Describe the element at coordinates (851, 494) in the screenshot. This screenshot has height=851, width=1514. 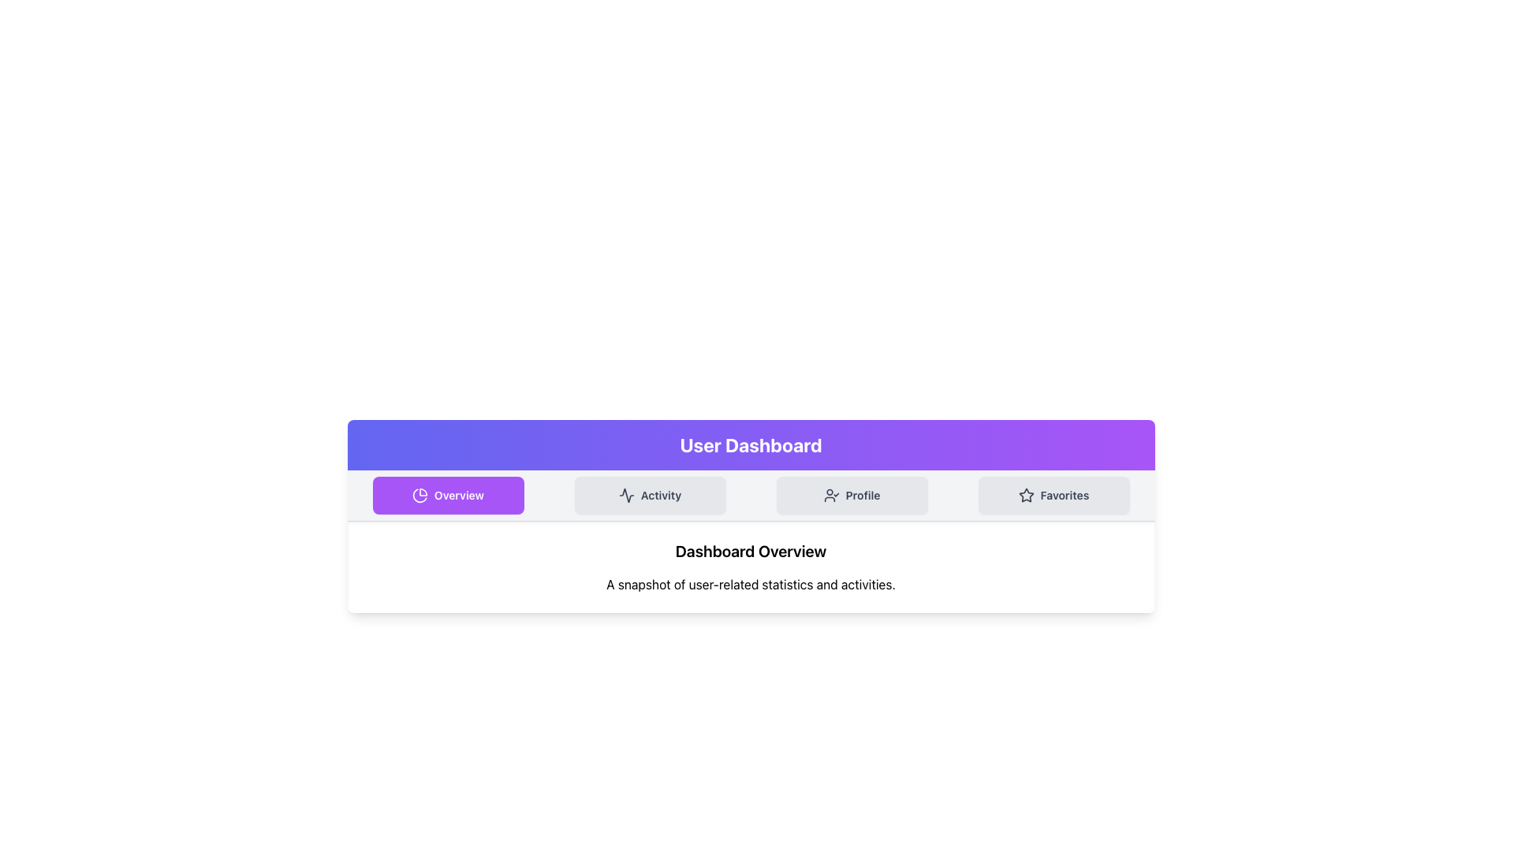
I see `the 'Profile' button located in the horizontal navigation bar under the 'User Dashboard' title` at that location.